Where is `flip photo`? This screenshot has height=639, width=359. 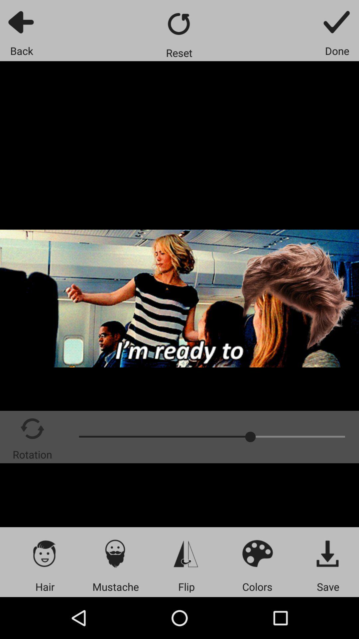
flip photo is located at coordinates (186, 553).